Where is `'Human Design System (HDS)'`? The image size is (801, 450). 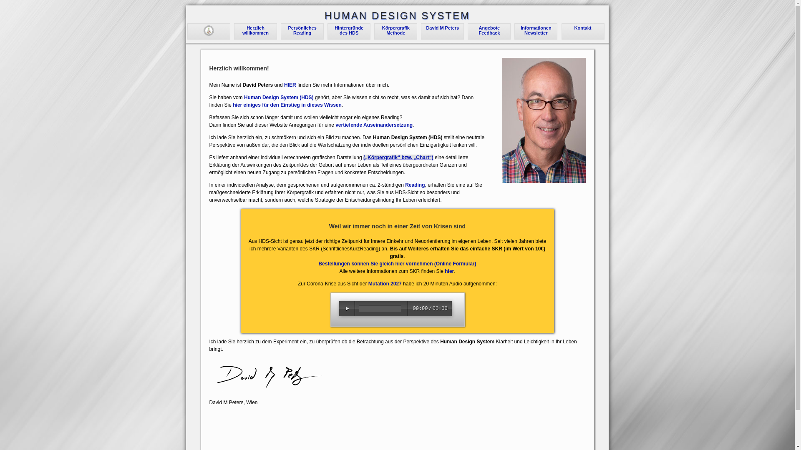
'Human Design System (HDS)' is located at coordinates (279, 97).